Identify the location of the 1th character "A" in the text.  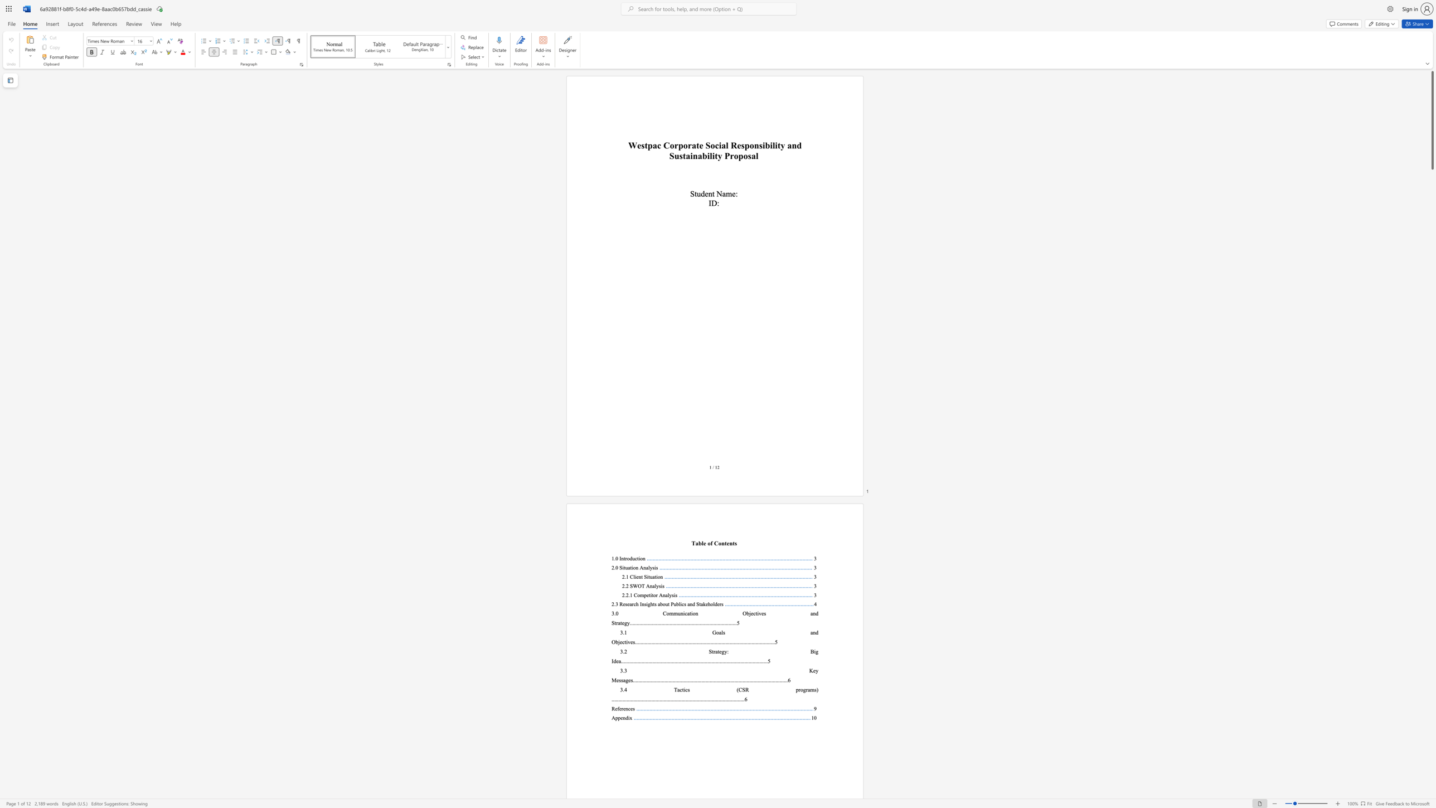
(647, 586).